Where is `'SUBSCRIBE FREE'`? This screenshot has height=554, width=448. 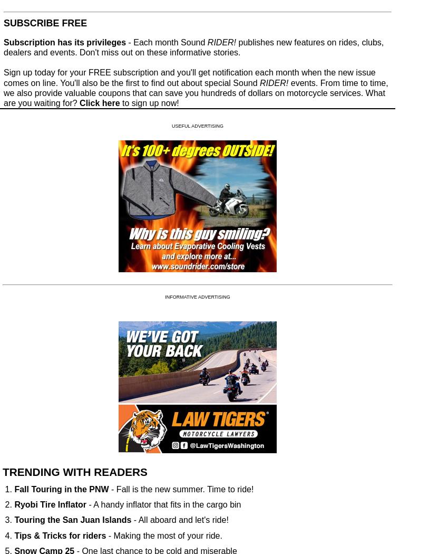 'SUBSCRIBE FREE' is located at coordinates (45, 22).